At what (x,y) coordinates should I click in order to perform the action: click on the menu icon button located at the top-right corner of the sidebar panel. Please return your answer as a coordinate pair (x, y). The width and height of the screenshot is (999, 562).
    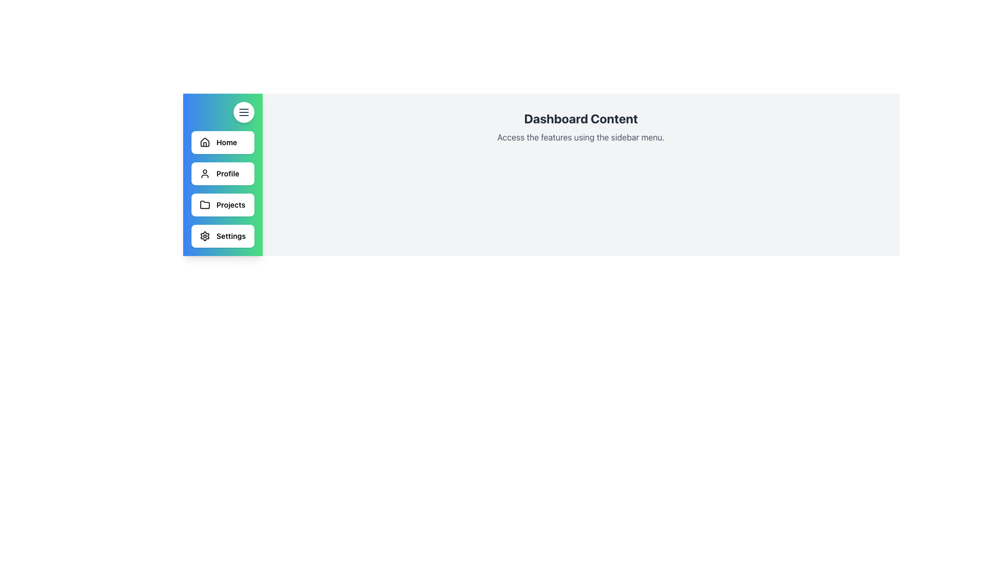
    Looking at the image, I should click on (243, 112).